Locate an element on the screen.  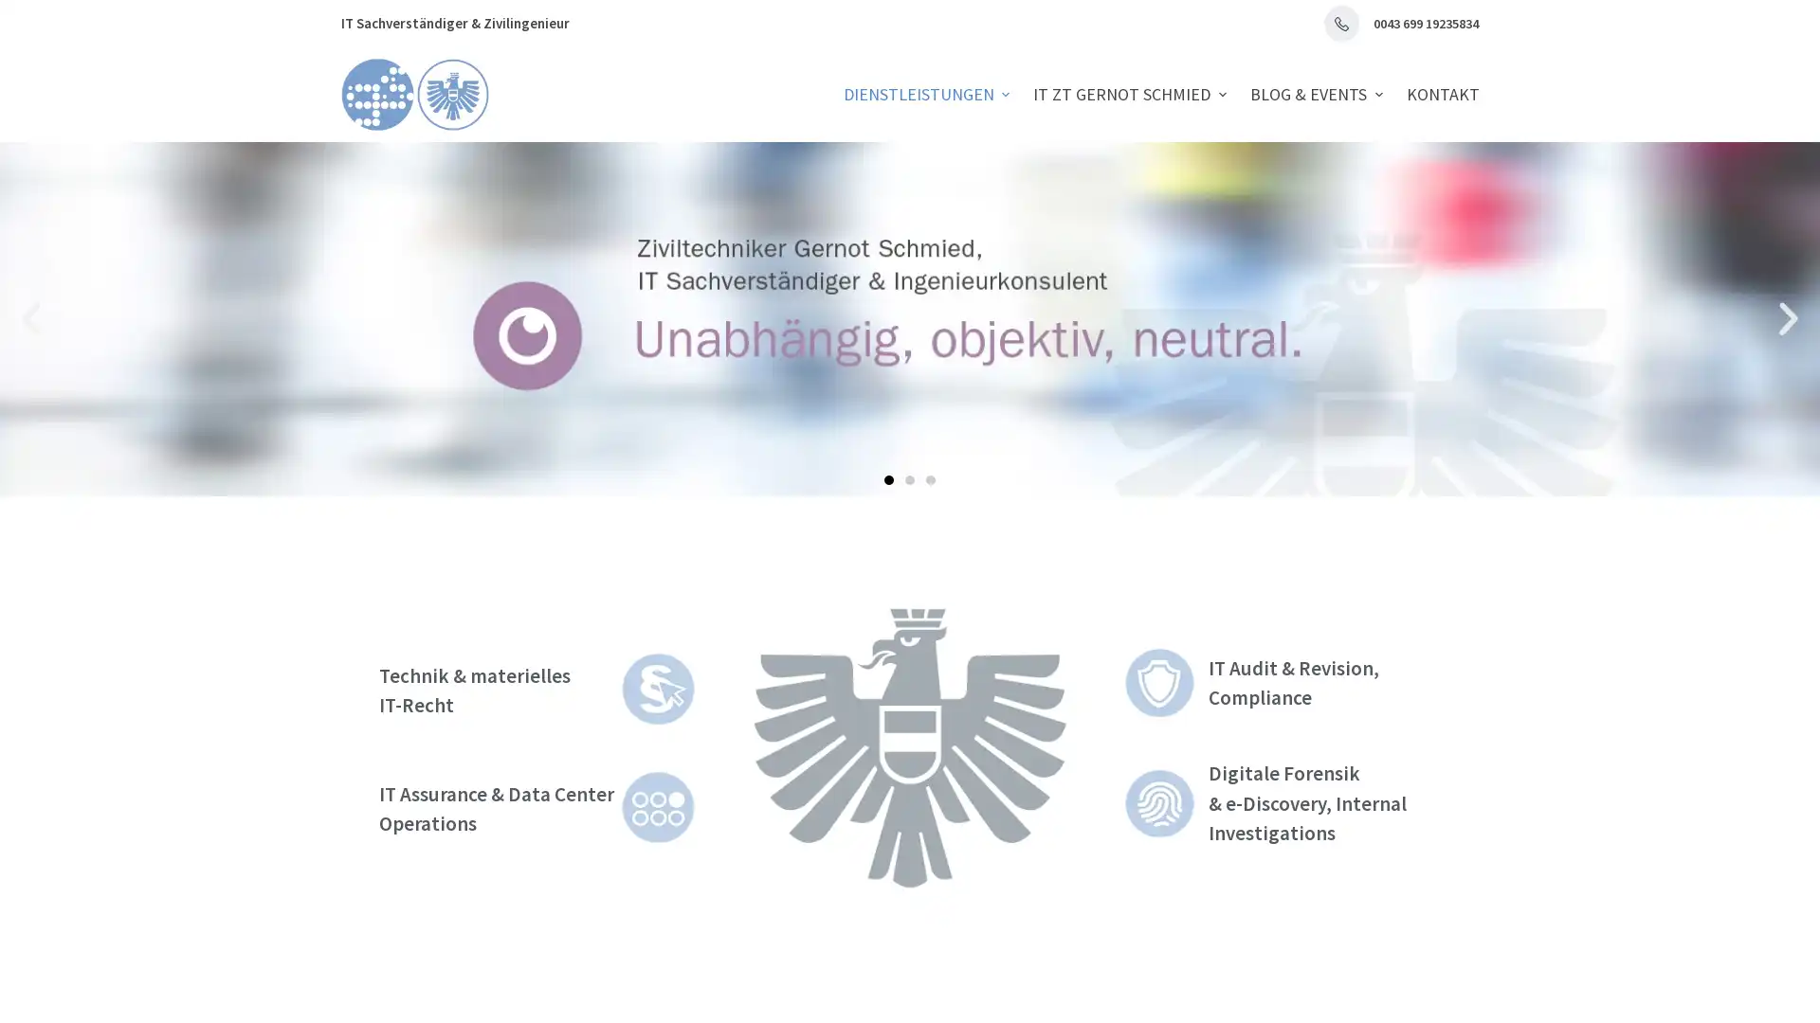
Next slide is located at coordinates (1787, 316).